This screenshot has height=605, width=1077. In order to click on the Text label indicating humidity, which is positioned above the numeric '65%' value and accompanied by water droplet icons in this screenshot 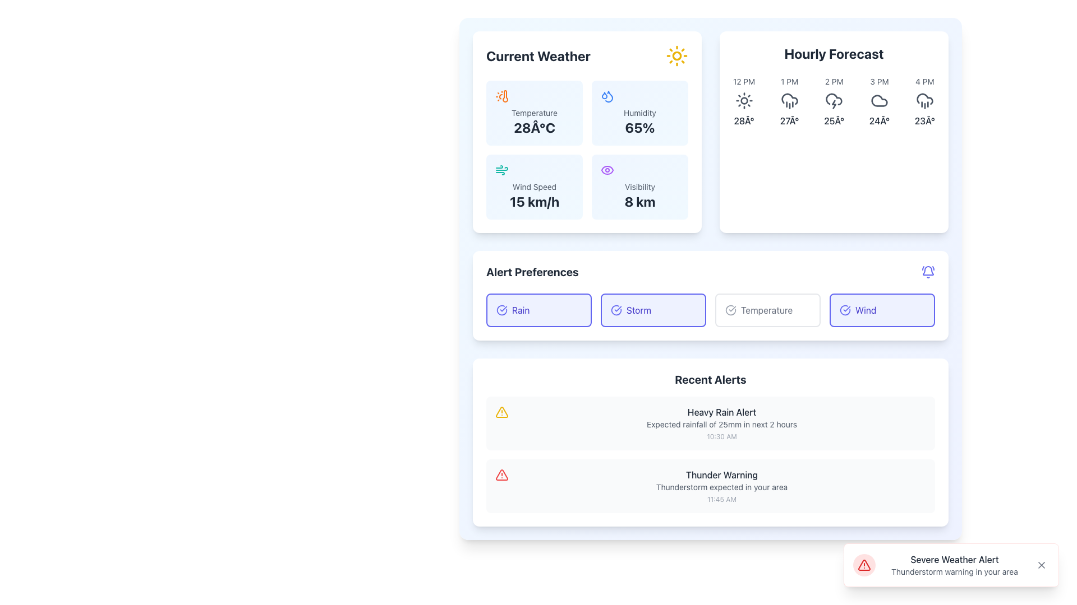, I will do `click(640, 113)`.